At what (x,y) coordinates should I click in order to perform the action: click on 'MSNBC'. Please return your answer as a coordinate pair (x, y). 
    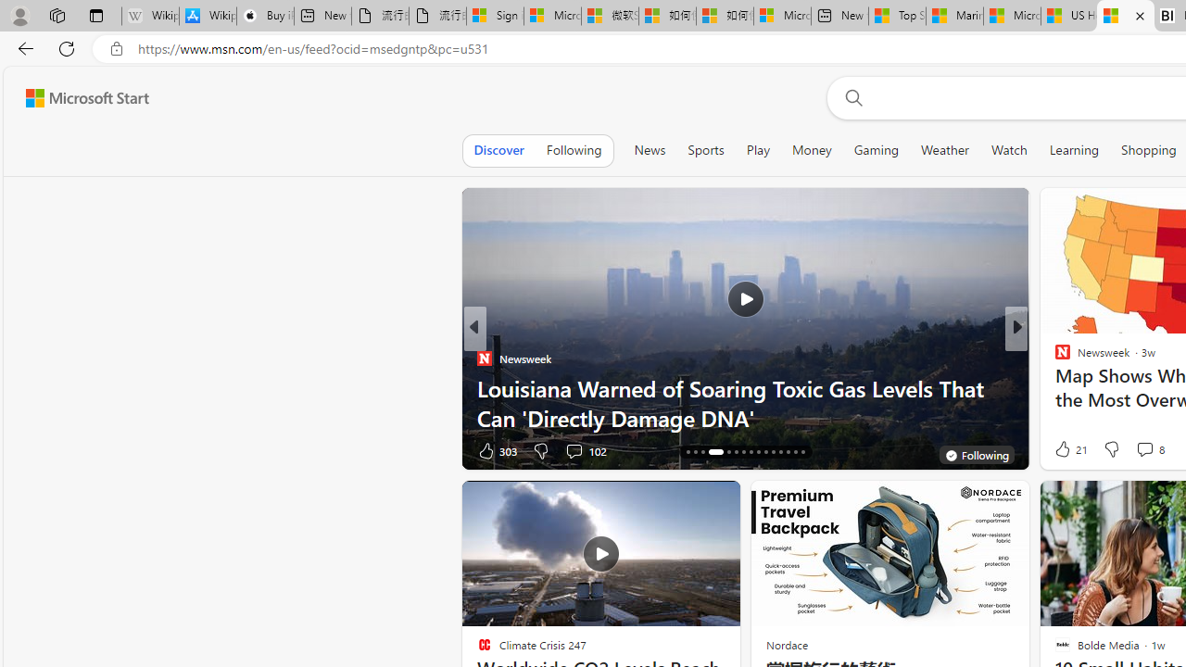
    Looking at the image, I should click on (1054, 359).